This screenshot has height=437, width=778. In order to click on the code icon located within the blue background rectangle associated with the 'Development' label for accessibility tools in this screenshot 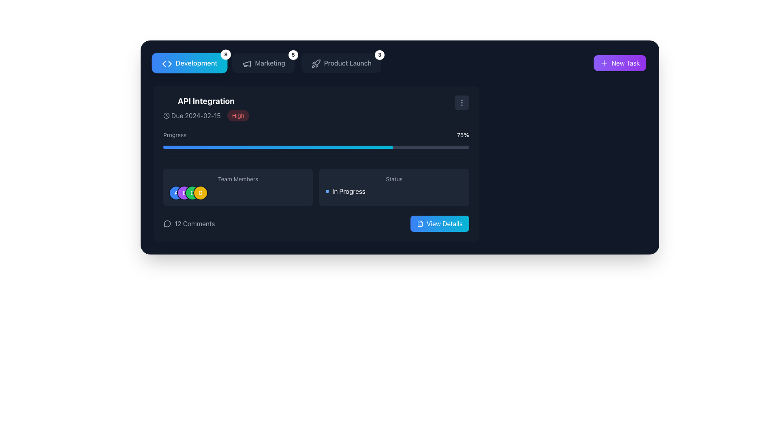, I will do `click(166, 62)`.